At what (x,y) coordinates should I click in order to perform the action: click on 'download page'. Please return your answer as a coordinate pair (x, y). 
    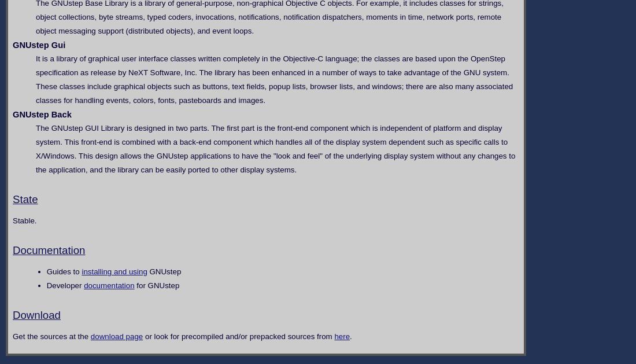
    Looking at the image, I should click on (89, 336).